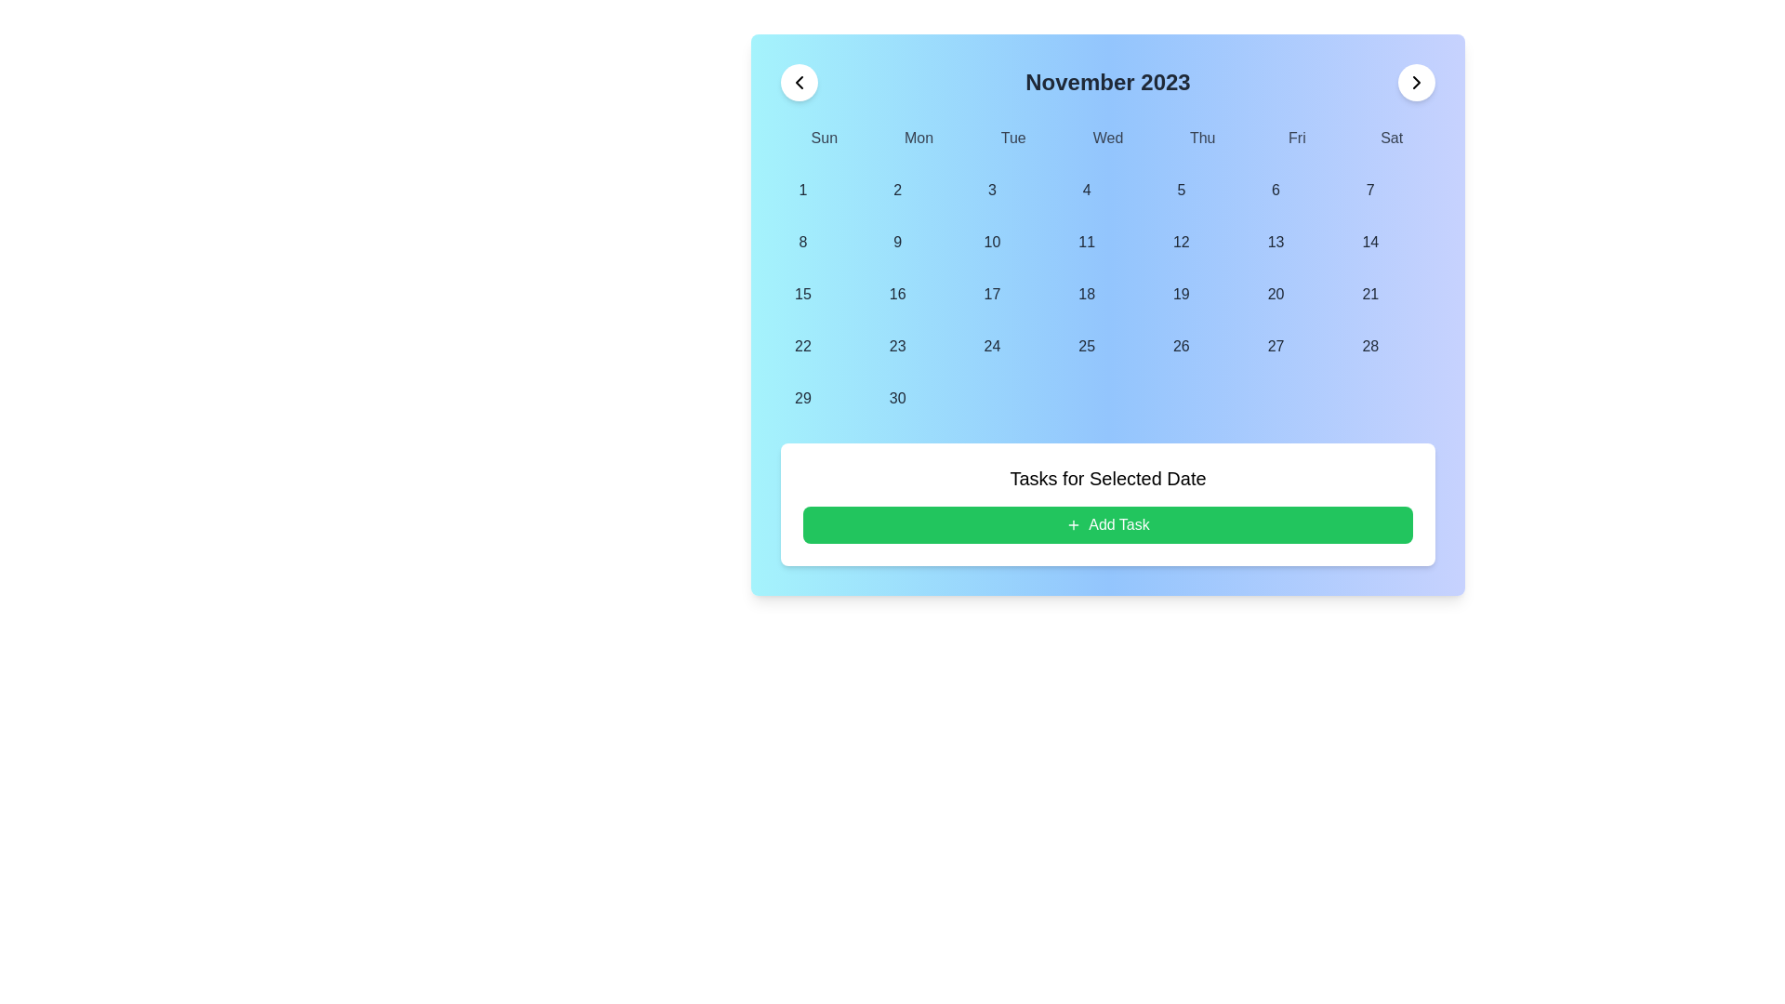 Image resolution: width=1785 pixels, height=1004 pixels. Describe the element at coordinates (803, 347) in the screenshot. I see `the button representing the 22nd day of the month in the calendar interface` at that location.